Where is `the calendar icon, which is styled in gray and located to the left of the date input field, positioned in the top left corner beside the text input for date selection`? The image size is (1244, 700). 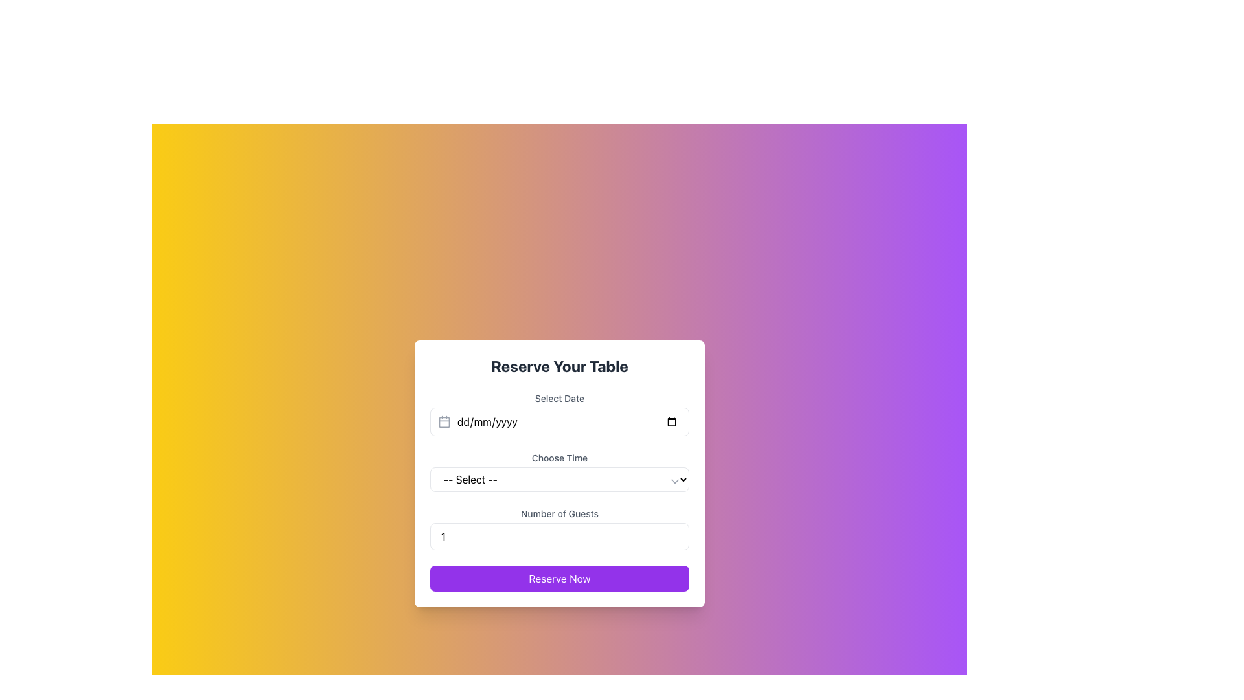
the calendar icon, which is styled in gray and located to the left of the date input field, positioned in the top left corner beside the text input for date selection is located at coordinates (444, 422).